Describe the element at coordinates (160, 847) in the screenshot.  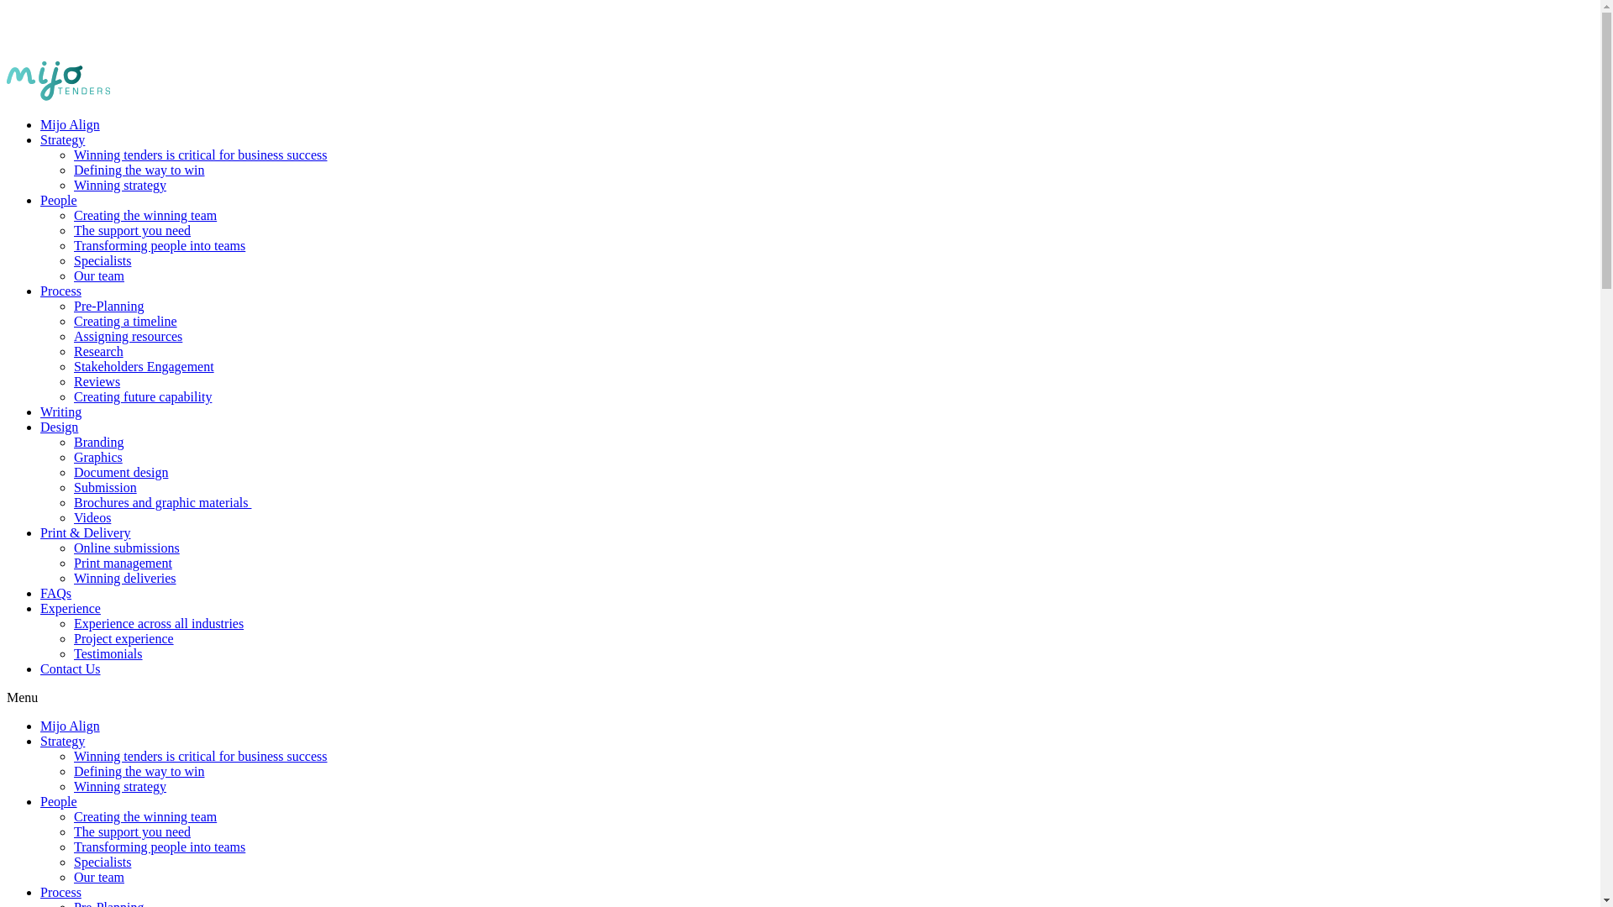
I see `'Transforming people into teams'` at that location.